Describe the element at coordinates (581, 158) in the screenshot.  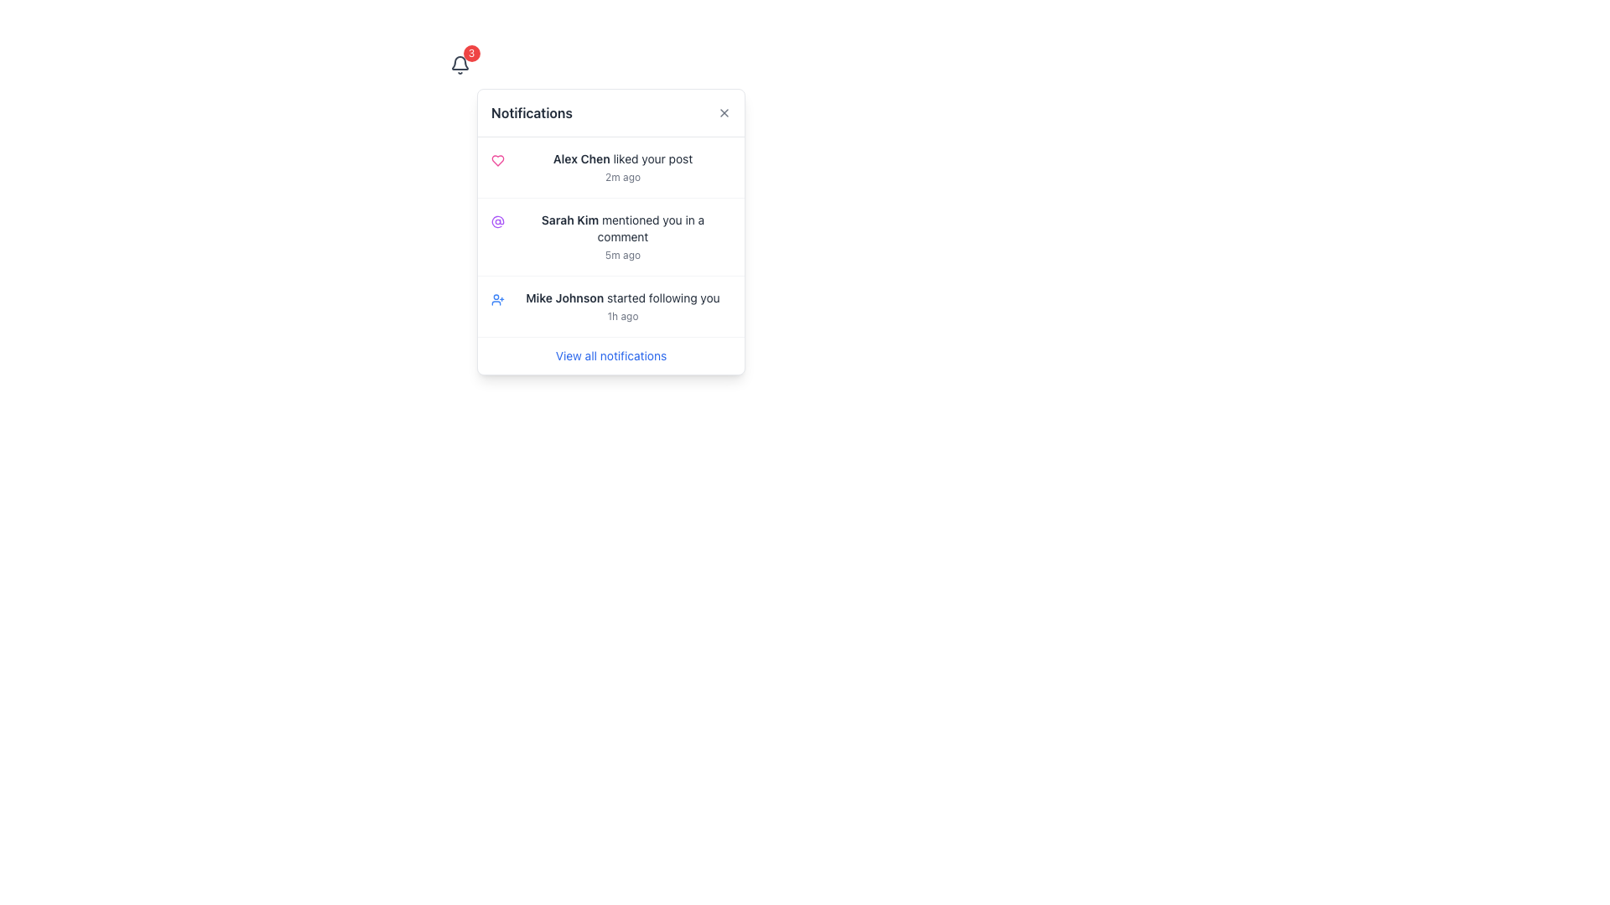
I see `information displayed in the bold text label 'Alex Chen' which is part of a notification entry in the dropdown box` at that location.